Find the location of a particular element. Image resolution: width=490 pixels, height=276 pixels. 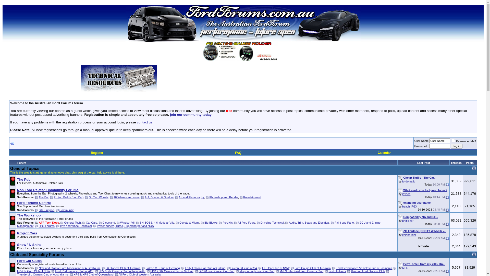

'Compatibility NA and EF...' is located at coordinates (420, 217).